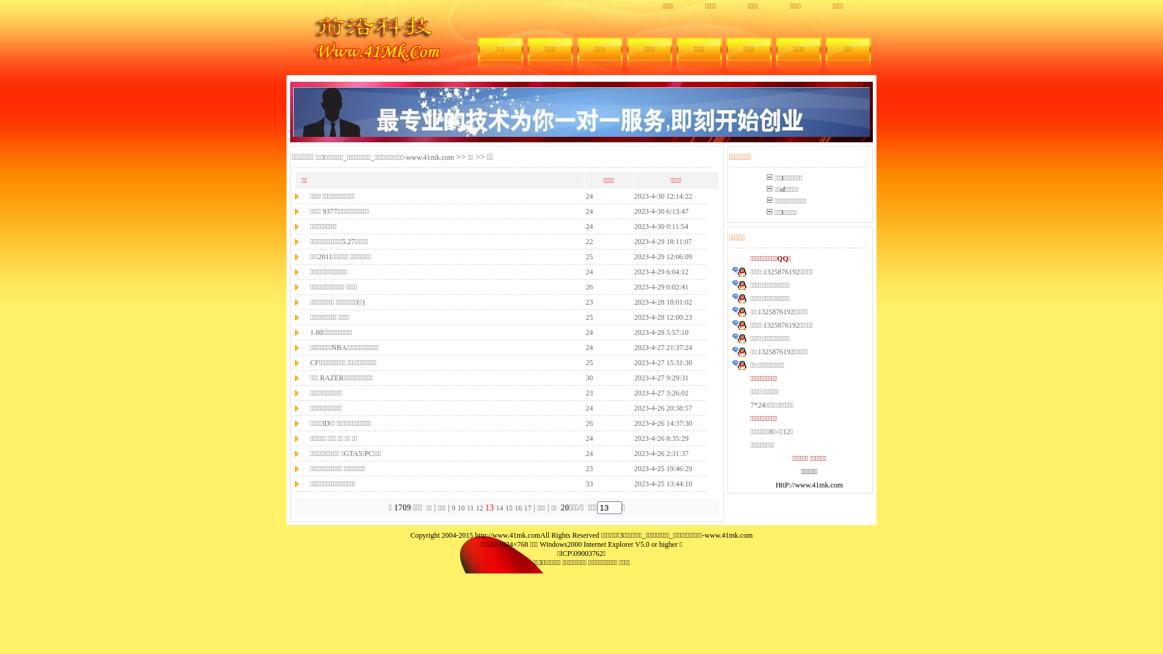 The image size is (1163, 654). I want to click on '22', so click(589, 241).